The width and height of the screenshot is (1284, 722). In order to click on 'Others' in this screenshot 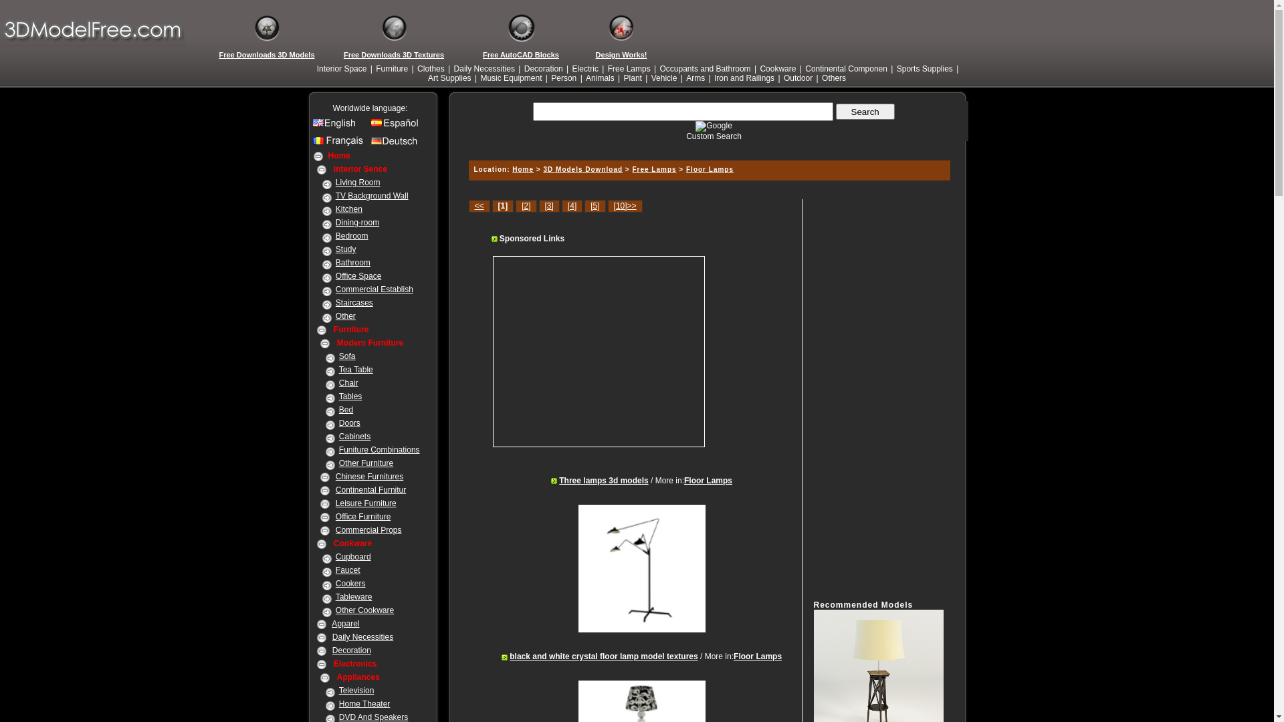, I will do `click(833, 78)`.